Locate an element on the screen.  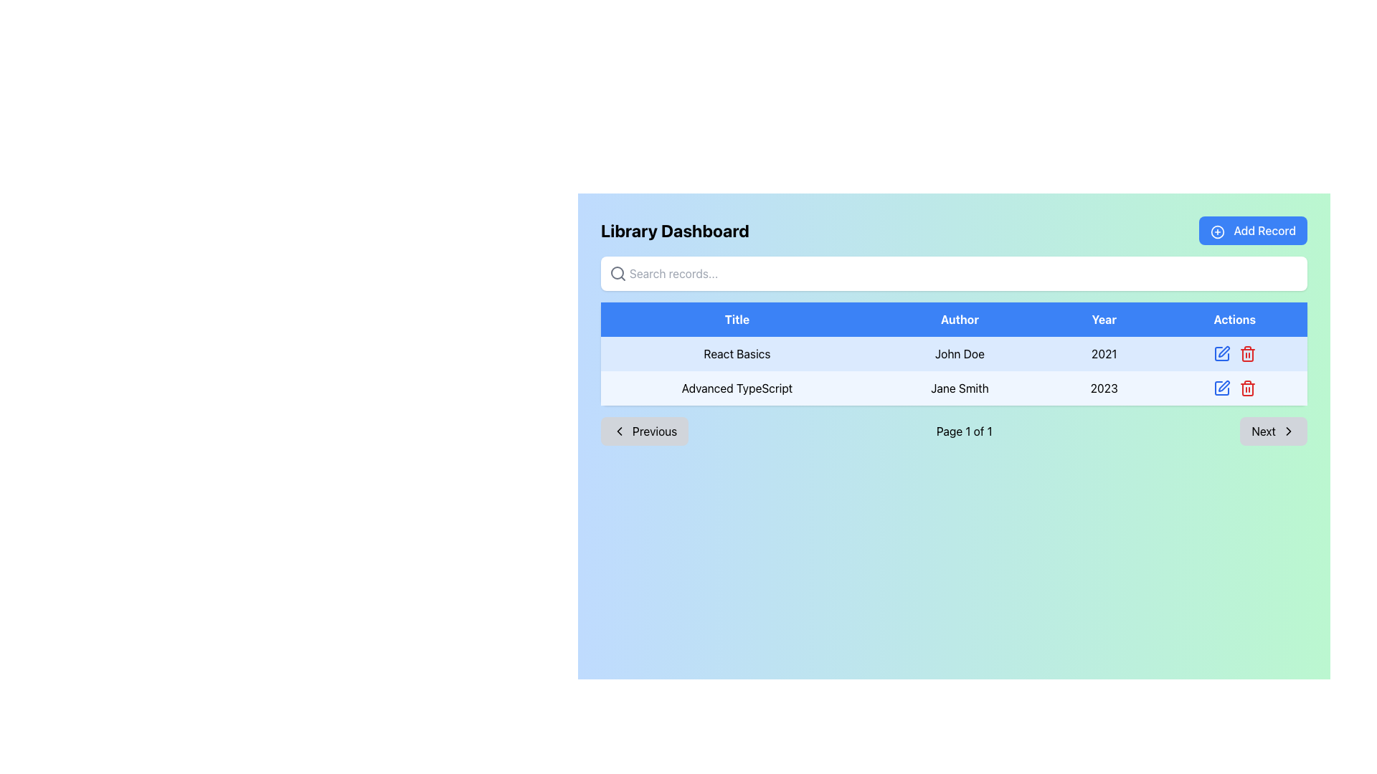
text label displaying 'Jane Smith' located in the second row under the 'Author' column of the table, which has a light blue background and is centered in the cell is located at coordinates (960, 388).